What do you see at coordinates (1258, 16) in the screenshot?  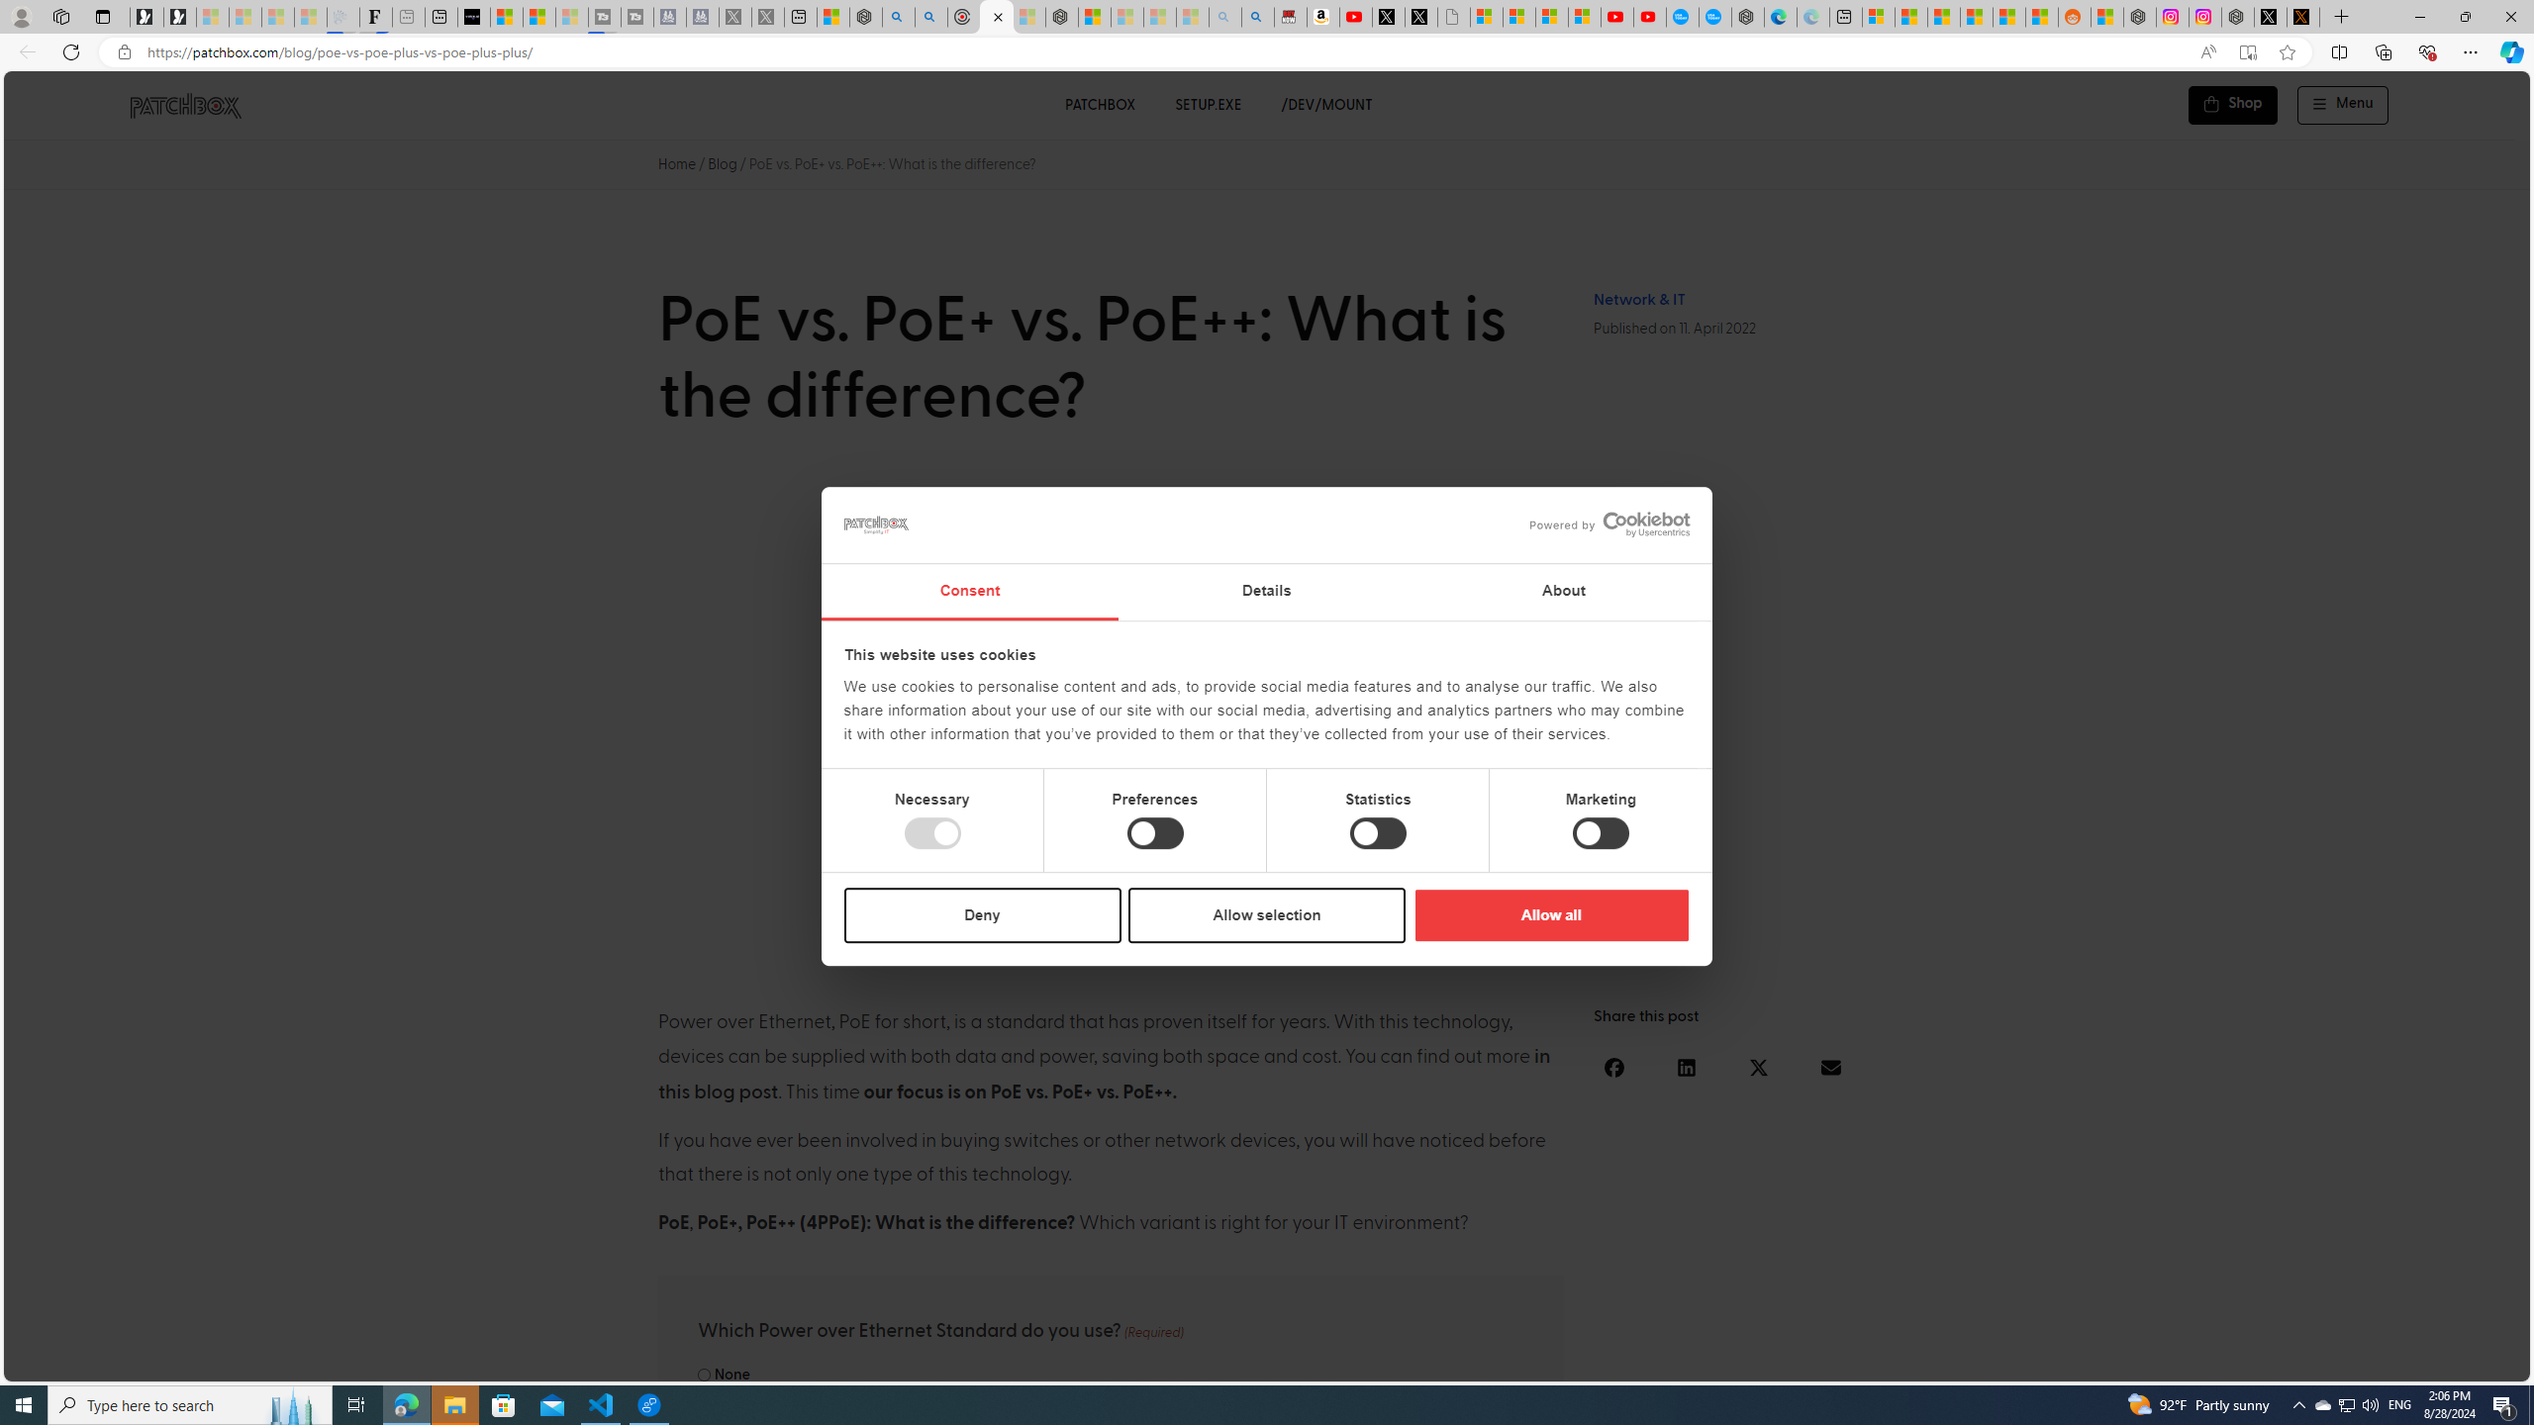 I see `'Amazon Echo Dot PNG - Search Images'` at bounding box center [1258, 16].